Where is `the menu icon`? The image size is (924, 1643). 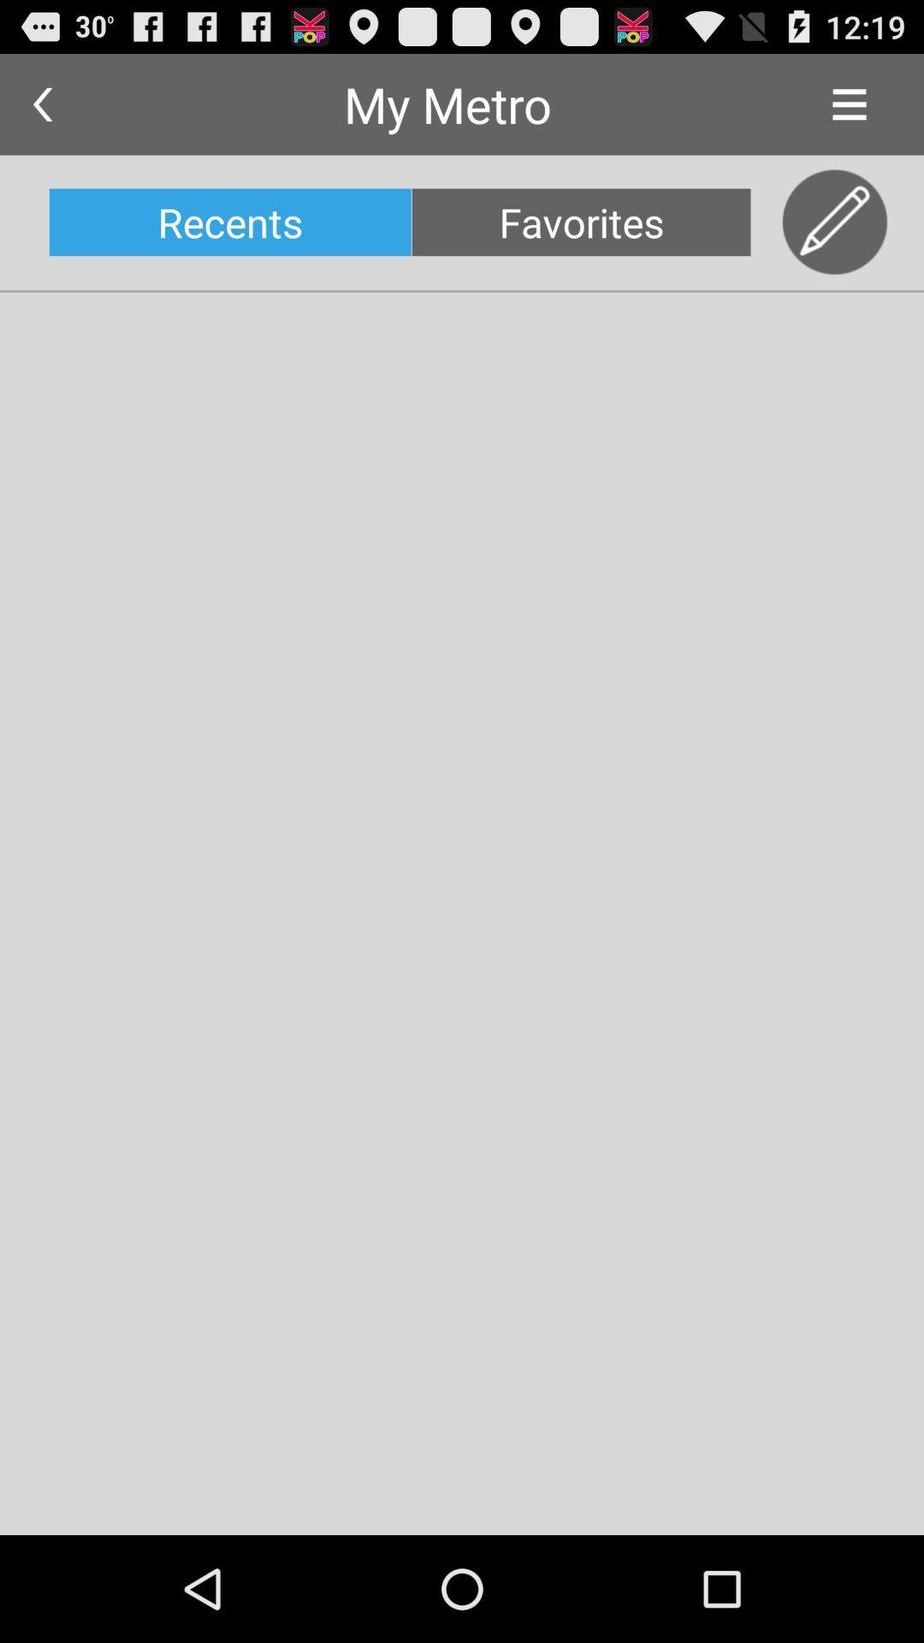 the menu icon is located at coordinates (849, 110).